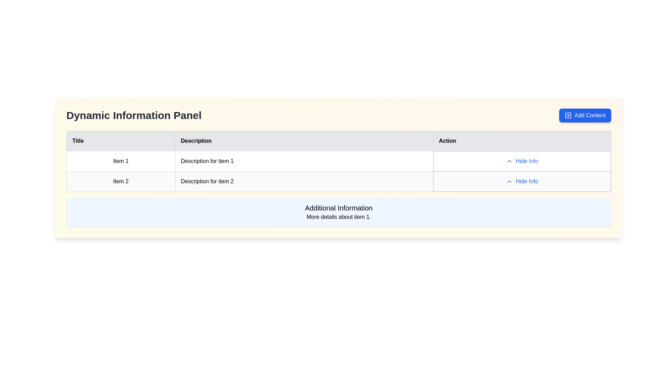  Describe the element at coordinates (585, 115) in the screenshot. I see `the button located at the top-right of the 'Dynamic Information Panel'` at that location.